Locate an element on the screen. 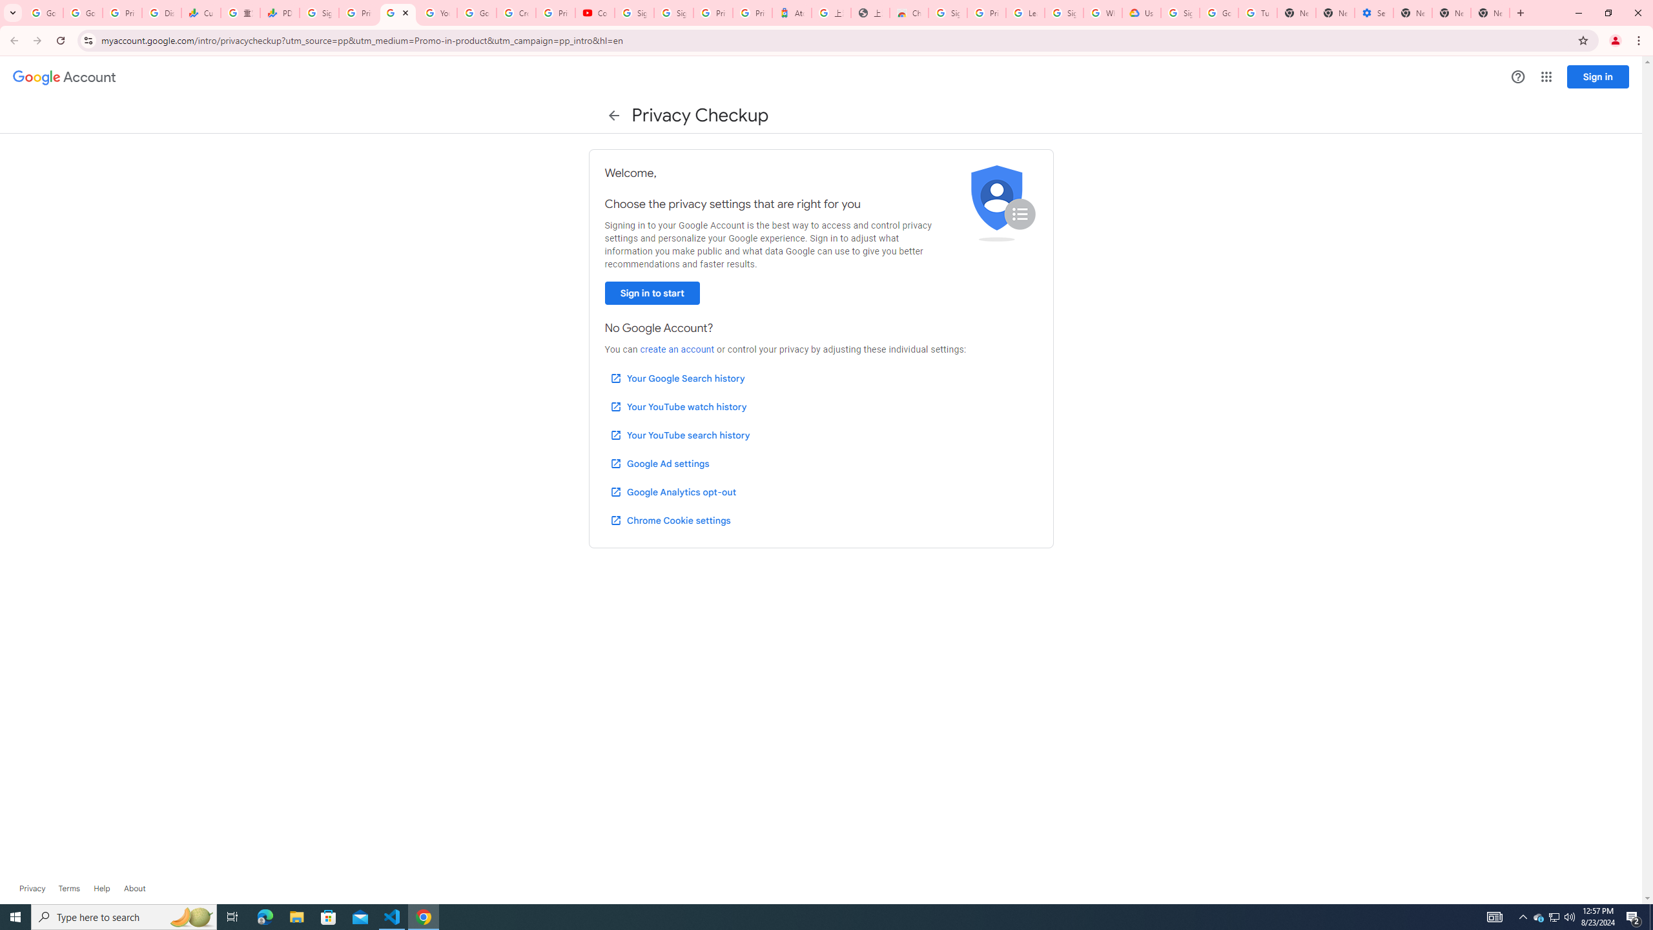 This screenshot has height=930, width=1653. 'Chrome Cookie settings' is located at coordinates (670, 519).